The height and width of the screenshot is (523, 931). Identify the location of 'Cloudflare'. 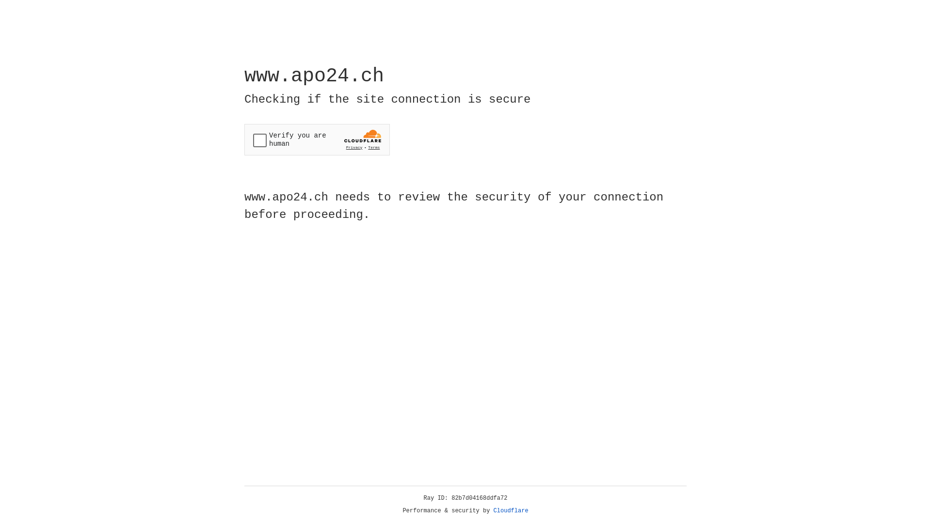
(511, 510).